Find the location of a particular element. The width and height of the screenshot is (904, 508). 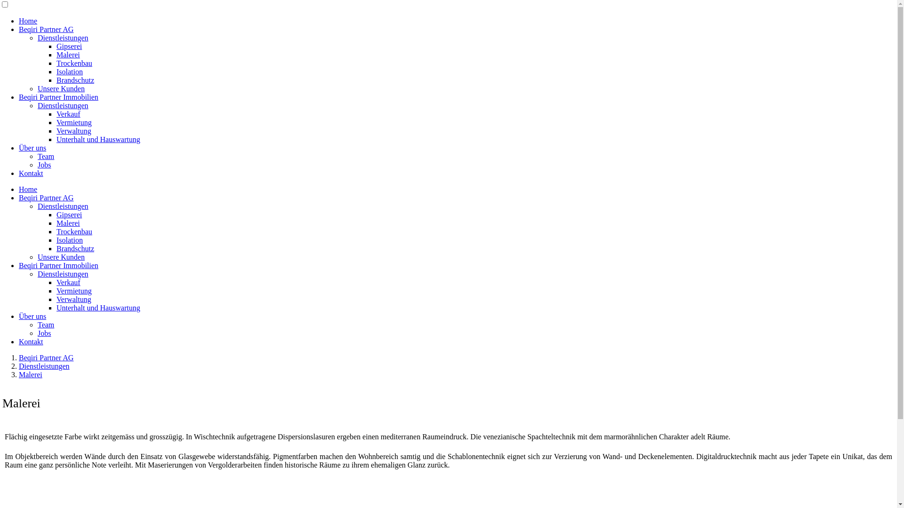

'Verkauf' is located at coordinates (68, 282).